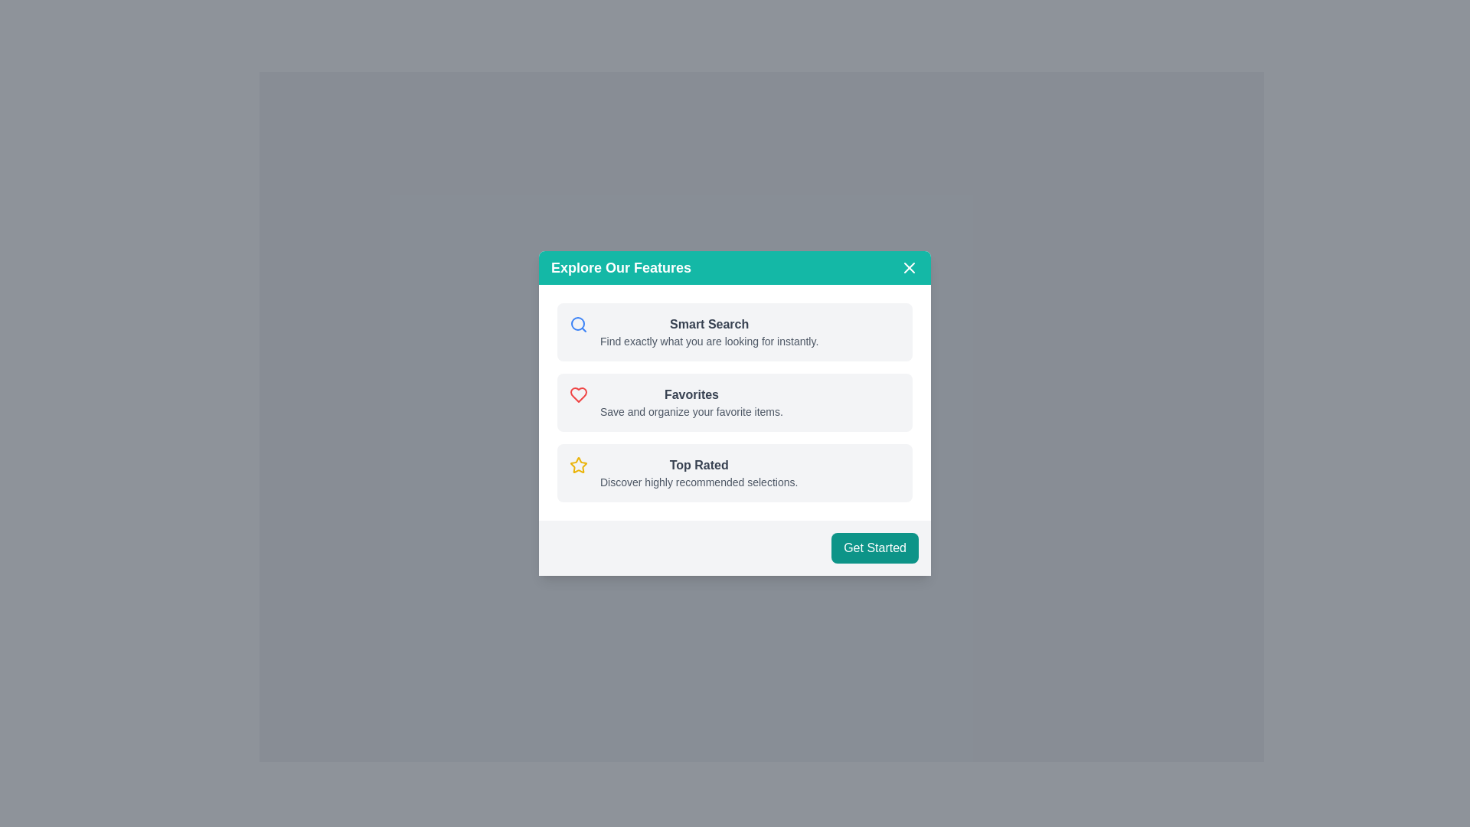  Describe the element at coordinates (708, 341) in the screenshot. I see `the static text that provides additional information about the 'Smart Search' feature located beneath the 'Smart Search' heading in the 'Explore Our Features' modal` at that location.